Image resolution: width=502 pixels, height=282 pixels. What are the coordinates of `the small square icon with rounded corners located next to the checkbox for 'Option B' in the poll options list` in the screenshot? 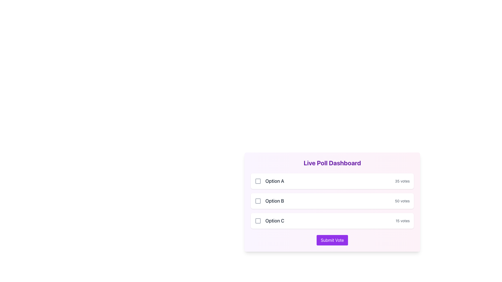 It's located at (258, 201).